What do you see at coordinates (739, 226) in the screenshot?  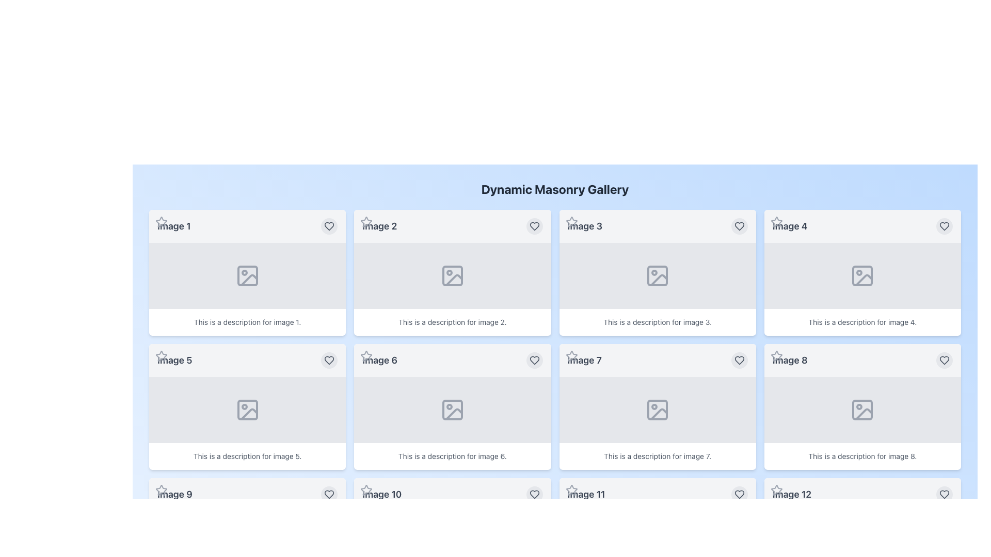 I see `the favorite button located at the top-right corner of 'Image 3'` at bounding box center [739, 226].